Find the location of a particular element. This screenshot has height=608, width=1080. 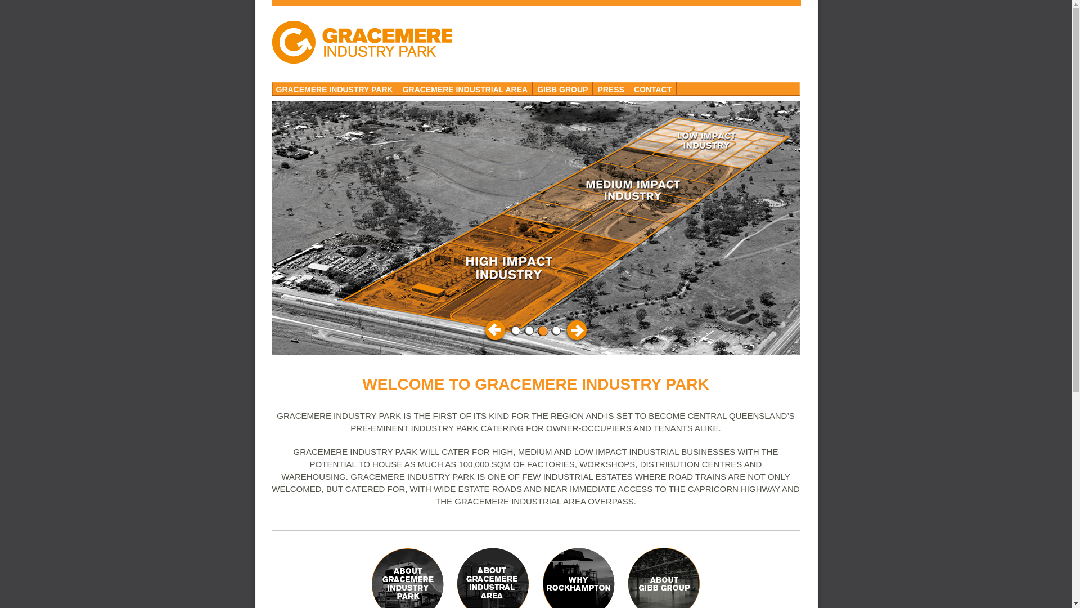

'Next' is located at coordinates (575, 329).